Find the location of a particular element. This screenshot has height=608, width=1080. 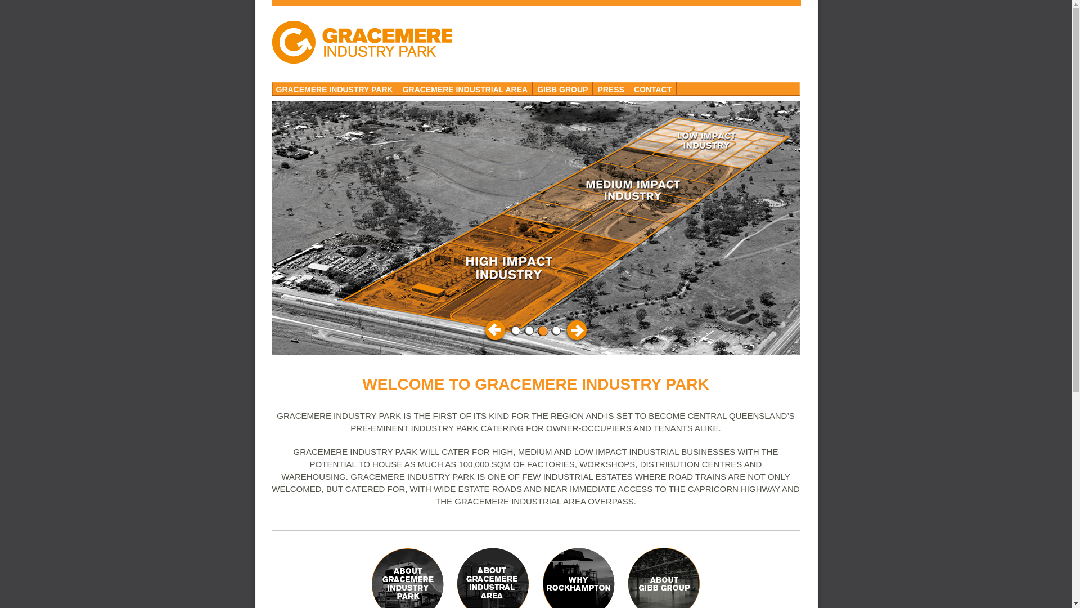

'Next' is located at coordinates (575, 329).